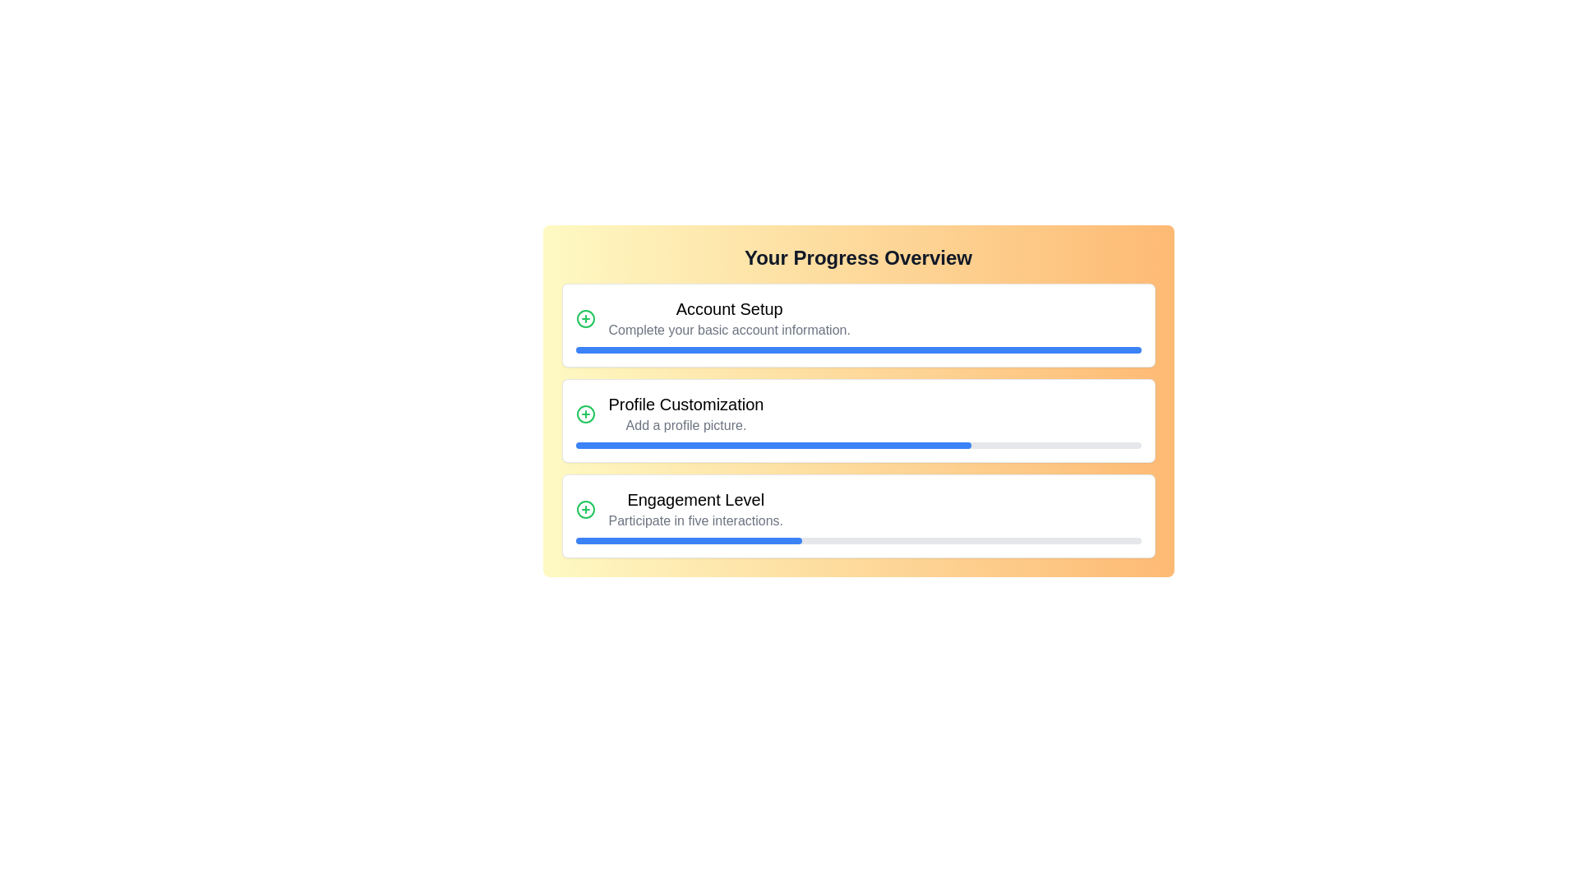 The image size is (1578, 888). I want to click on the text label that reads 'Participate in five interactions.' which is styled in light gray and positioned below the 'Engagement Level' title within a rectangular card, so click(695, 520).